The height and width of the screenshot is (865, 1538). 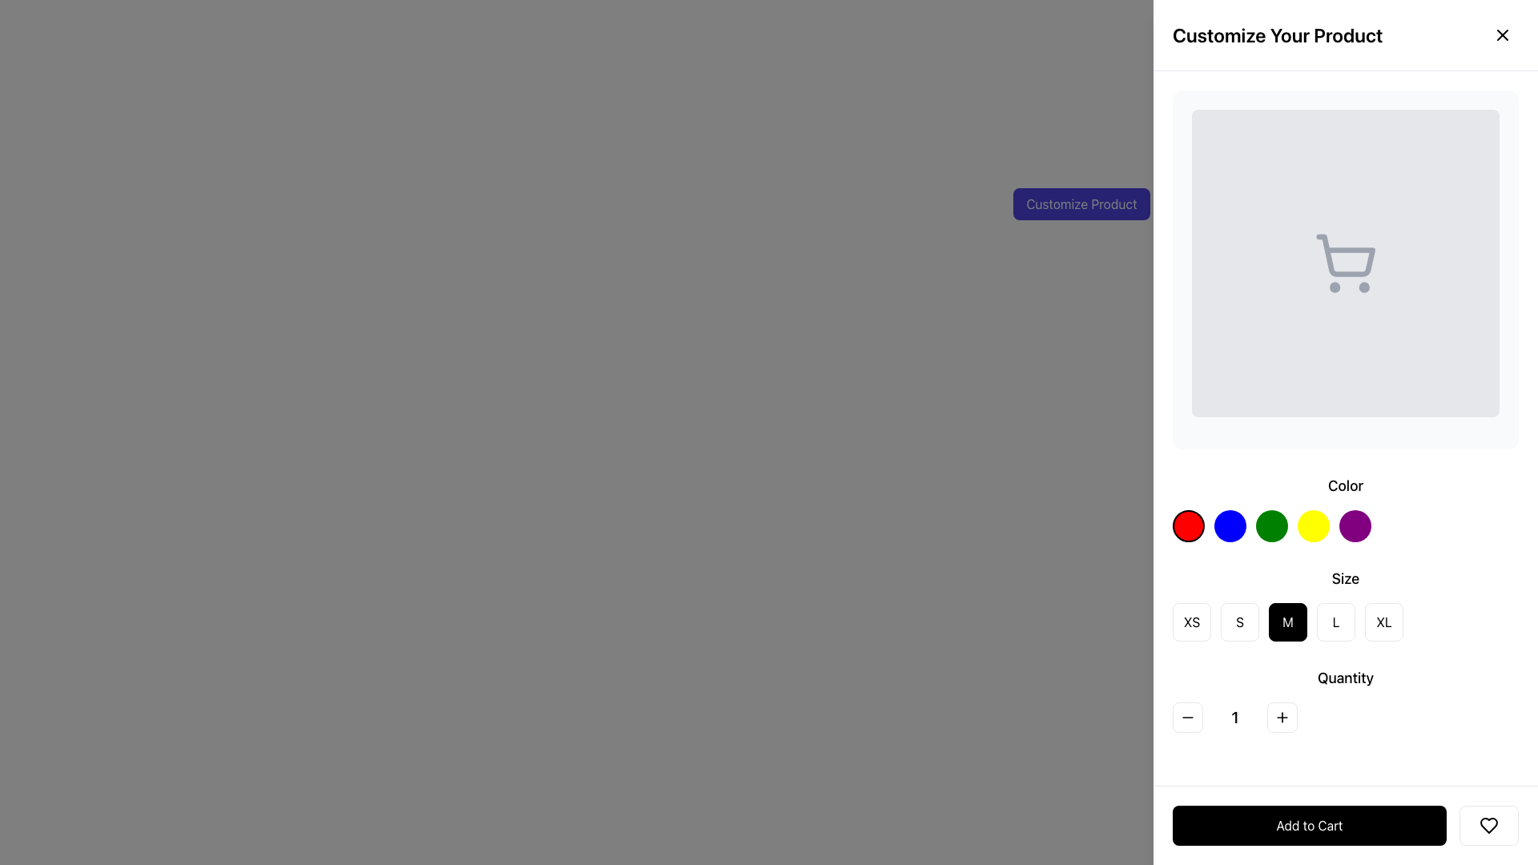 What do you see at coordinates (1188, 525) in the screenshot?
I see `the first circular color selection button for red color customization` at bounding box center [1188, 525].